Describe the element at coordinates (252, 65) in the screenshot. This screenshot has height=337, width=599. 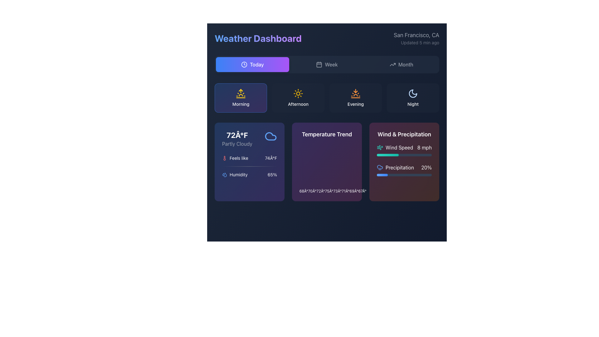
I see `the 'Today' button located under the 'Weather Dashboard' title` at that location.